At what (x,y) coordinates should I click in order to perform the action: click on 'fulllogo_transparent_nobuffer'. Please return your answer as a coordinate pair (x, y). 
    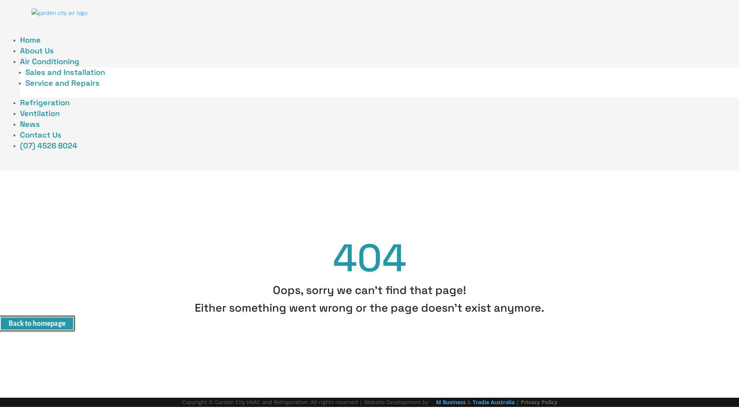
    Looking at the image, I should click on (59, 13).